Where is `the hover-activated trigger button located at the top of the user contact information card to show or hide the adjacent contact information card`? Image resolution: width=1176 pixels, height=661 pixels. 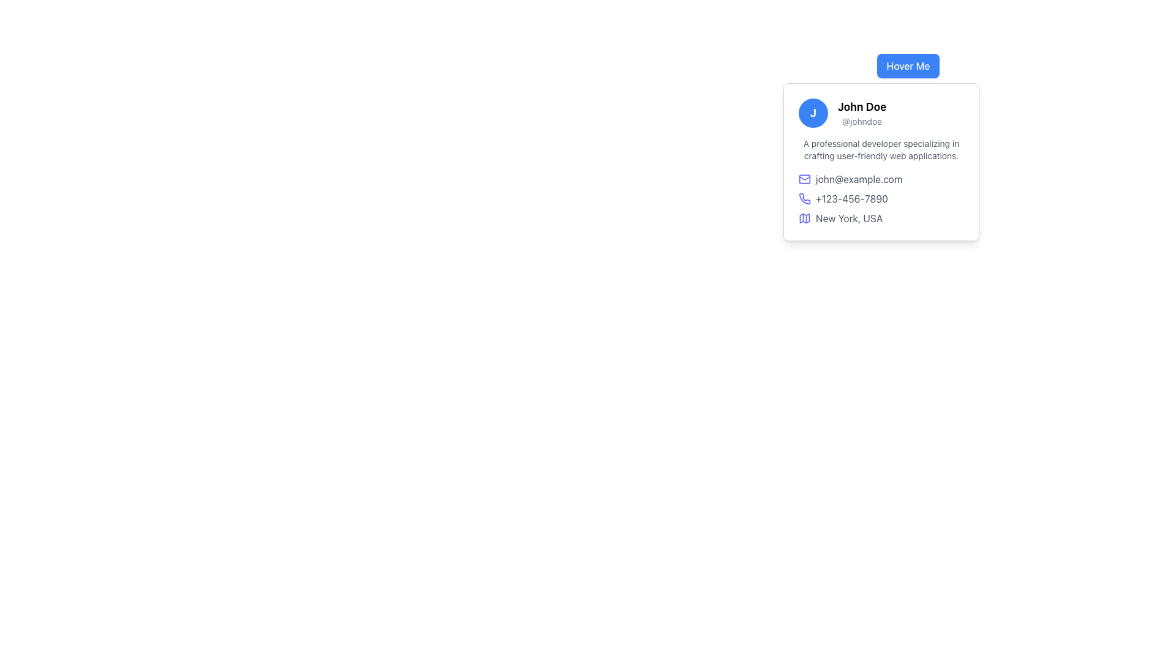 the hover-activated trigger button located at the top of the user contact information card to show or hide the adjacent contact information card is located at coordinates (908, 66).